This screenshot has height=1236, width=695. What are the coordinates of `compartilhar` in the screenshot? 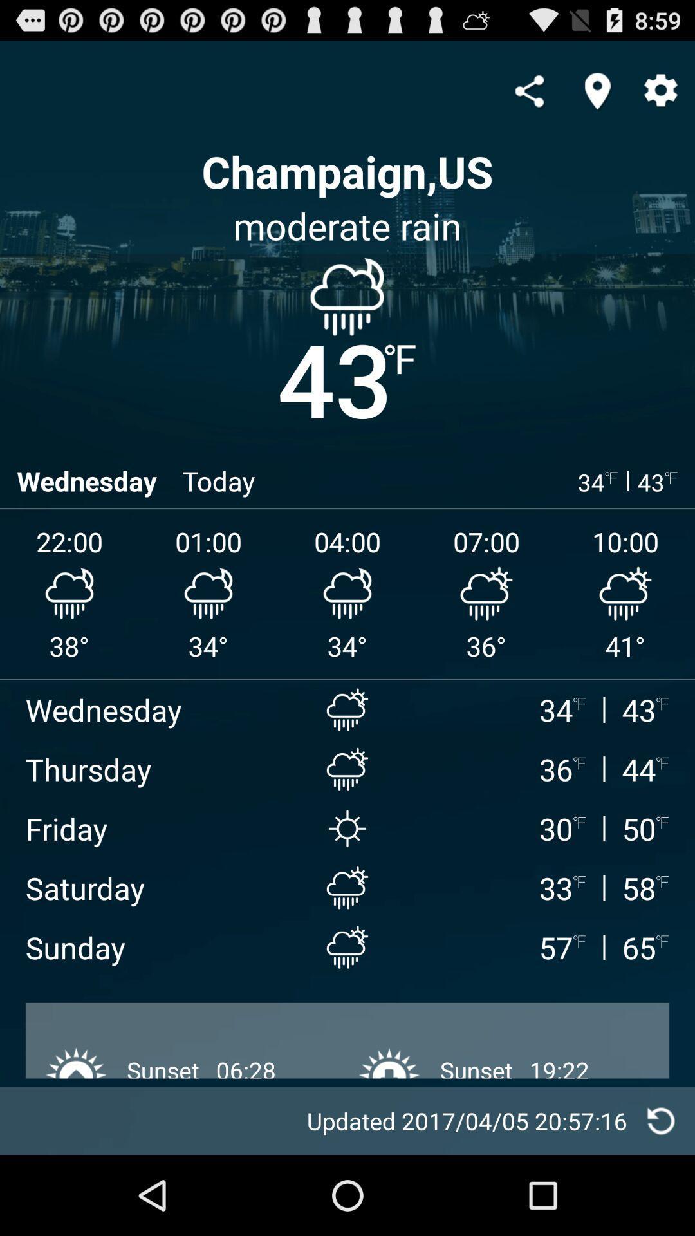 It's located at (529, 90).